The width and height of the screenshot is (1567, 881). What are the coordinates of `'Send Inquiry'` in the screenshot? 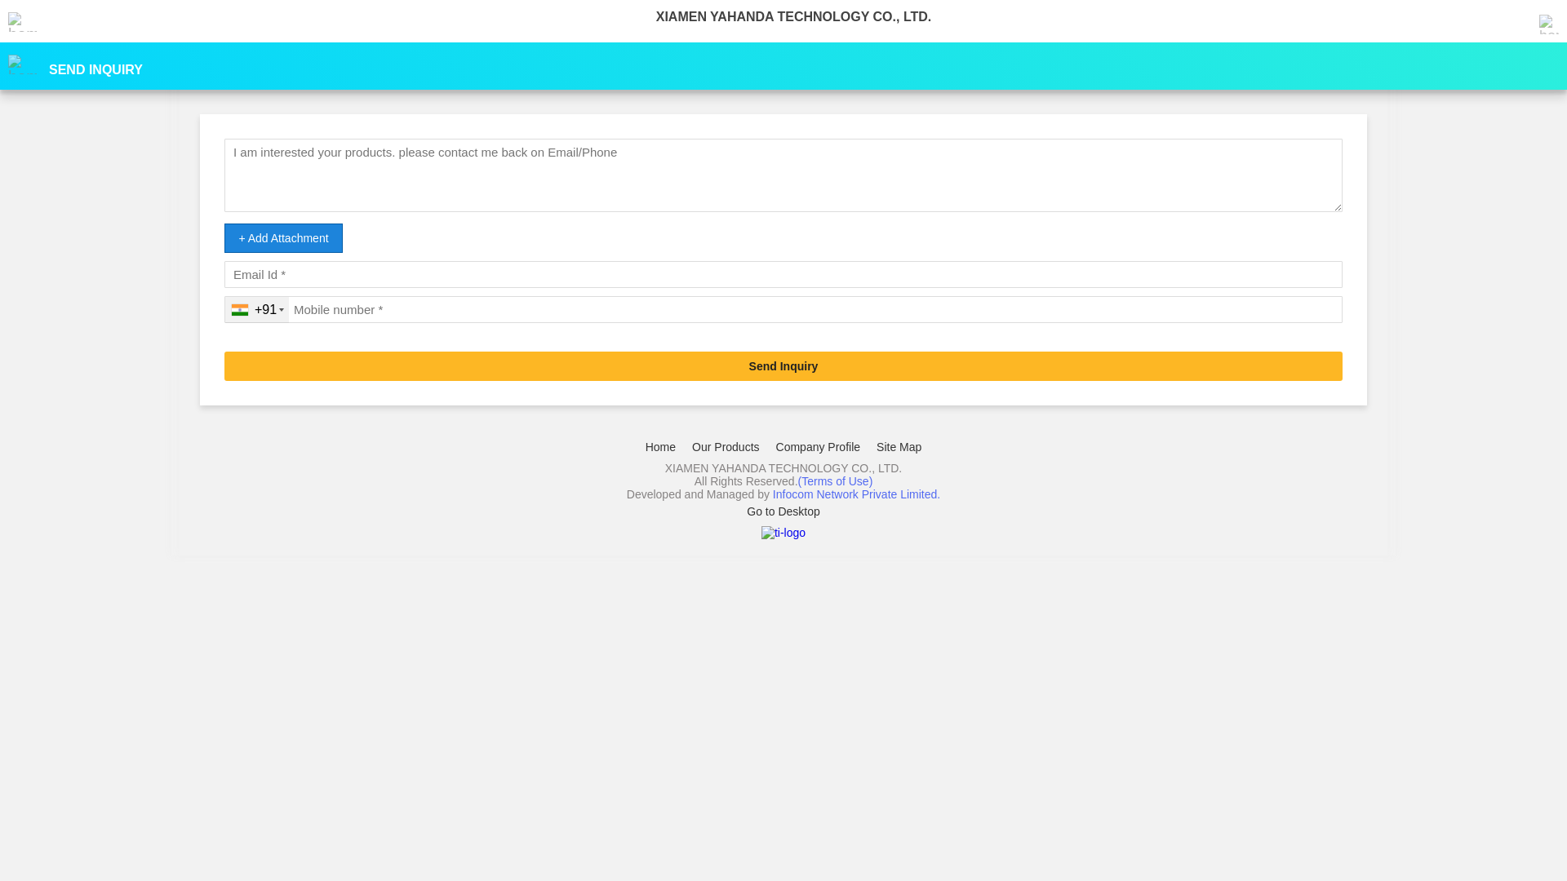 It's located at (783, 365).